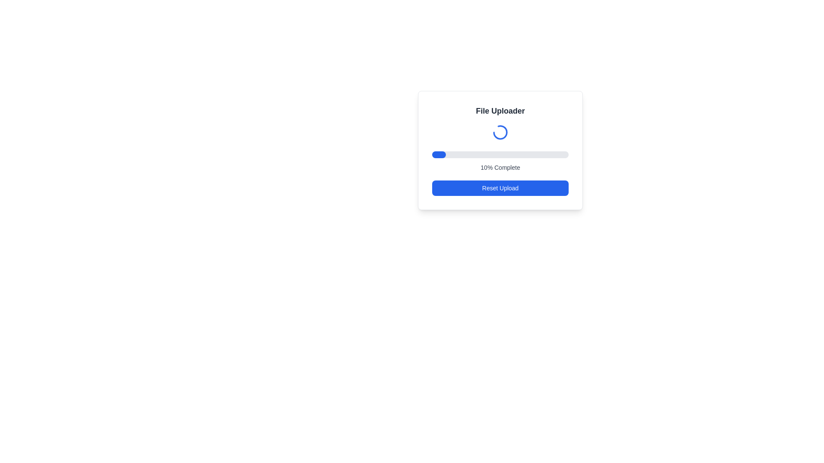 The image size is (824, 463). Describe the element at coordinates (500, 132) in the screenshot. I see `the Spinner/Loader icon indicating an ongoing process in the 'File Uploader' modal` at that location.